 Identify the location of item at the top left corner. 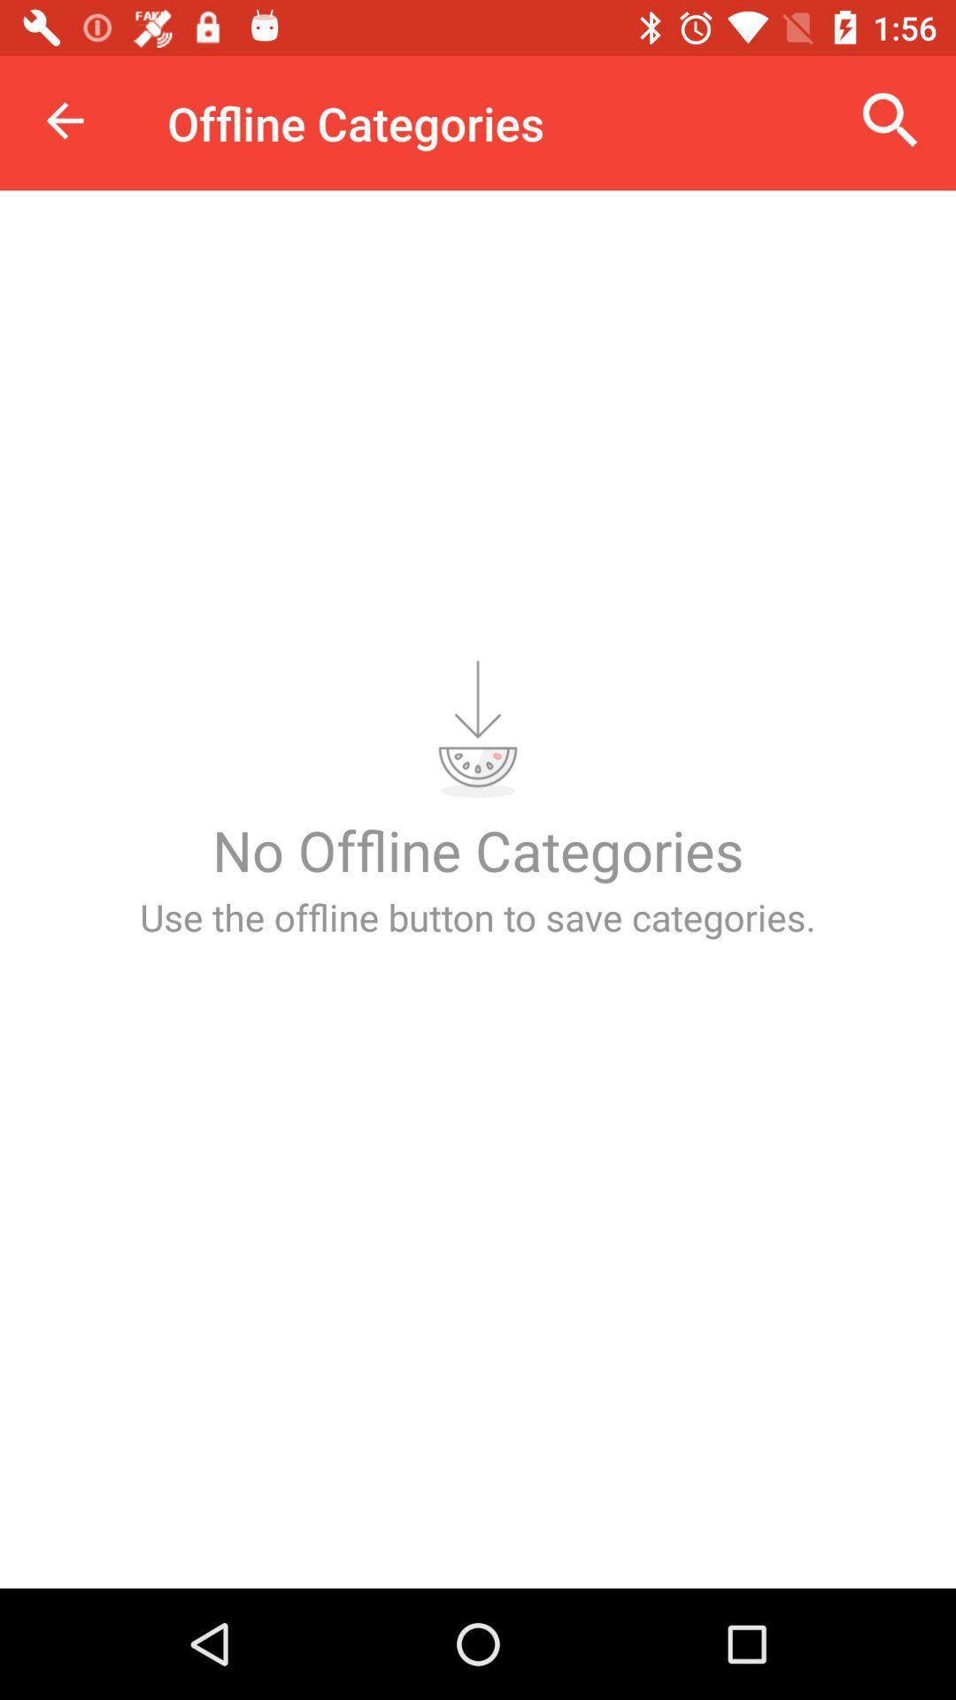
(64, 120).